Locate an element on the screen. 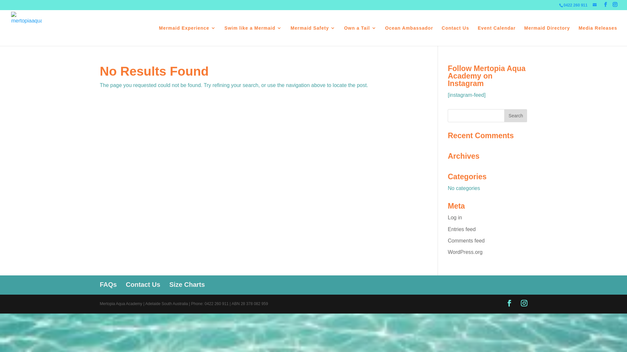 This screenshot has height=352, width=627. 'Search' is located at coordinates (504, 115).